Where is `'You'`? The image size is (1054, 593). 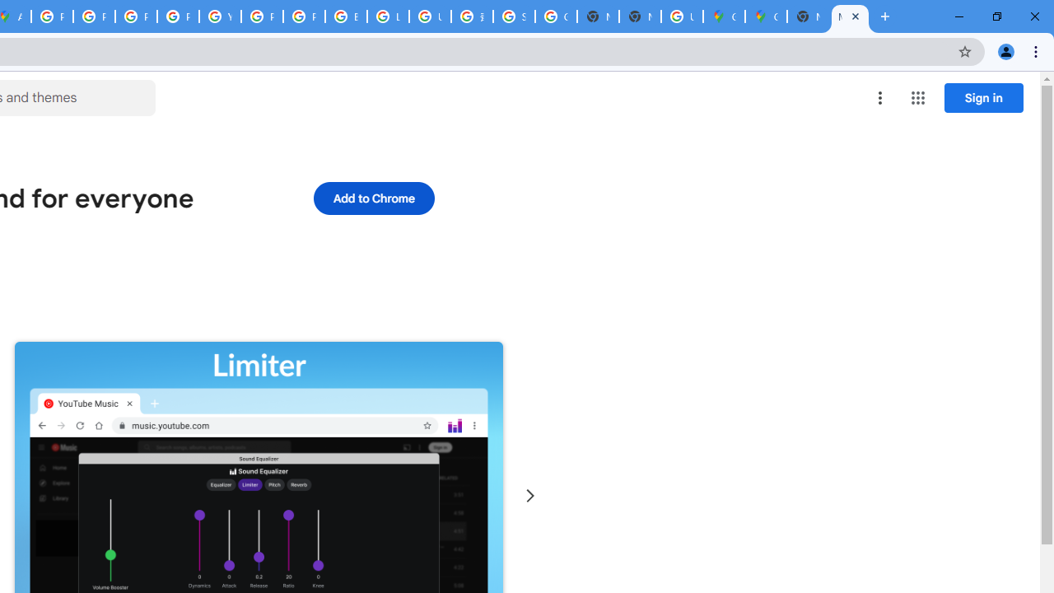 'You' is located at coordinates (1005, 50).